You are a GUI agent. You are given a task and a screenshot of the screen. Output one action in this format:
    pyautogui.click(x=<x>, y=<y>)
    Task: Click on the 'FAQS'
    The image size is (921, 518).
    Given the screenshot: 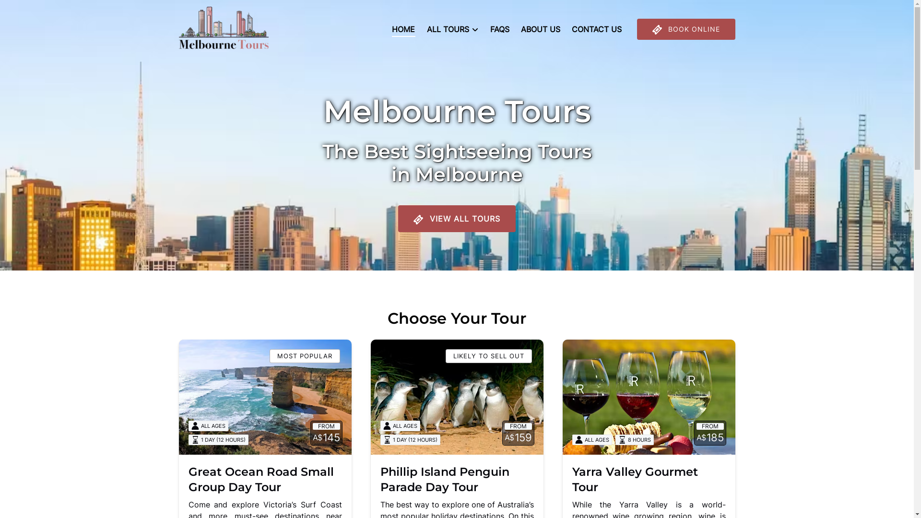 What is the action you would take?
    pyautogui.click(x=499, y=29)
    